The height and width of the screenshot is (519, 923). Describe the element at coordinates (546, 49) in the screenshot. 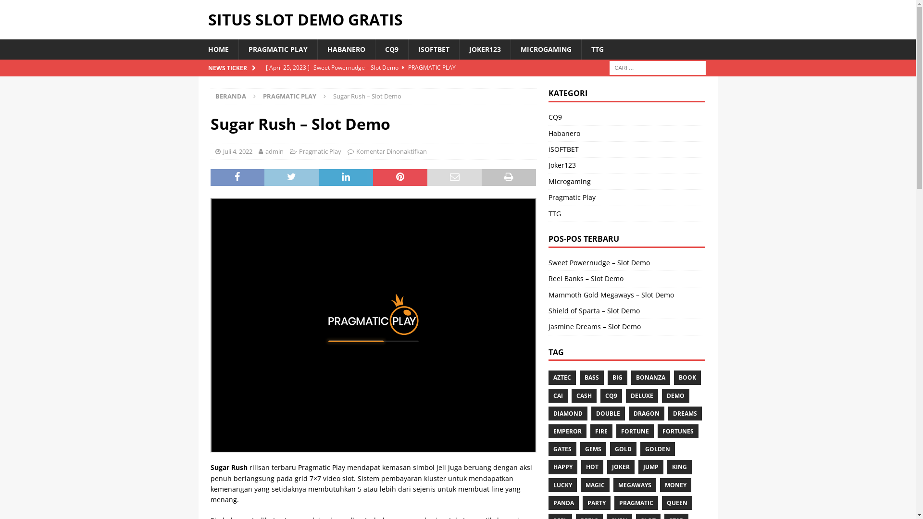

I see `'MICROGAMING'` at that location.